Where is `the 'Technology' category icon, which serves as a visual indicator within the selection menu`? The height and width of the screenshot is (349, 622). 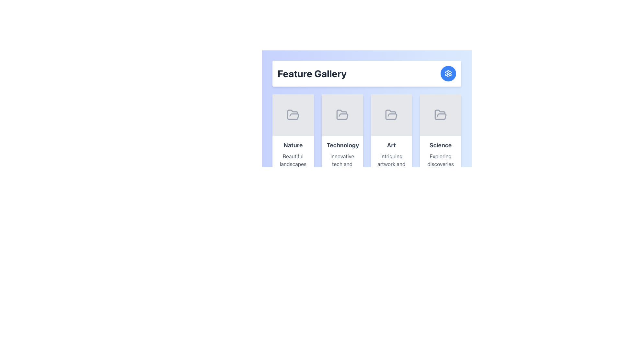 the 'Technology' category icon, which serves as a visual indicator within the selection menu is located at coordinates (342, 114).